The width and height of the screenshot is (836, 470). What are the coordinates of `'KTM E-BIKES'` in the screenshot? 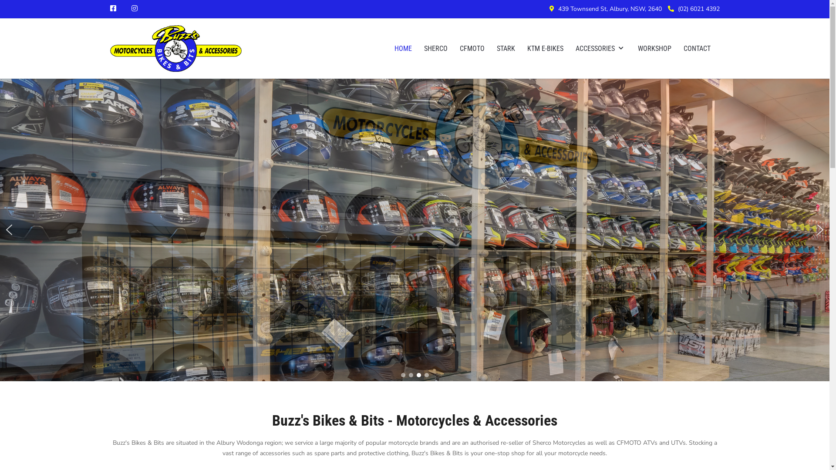 It's located at (520, 48).